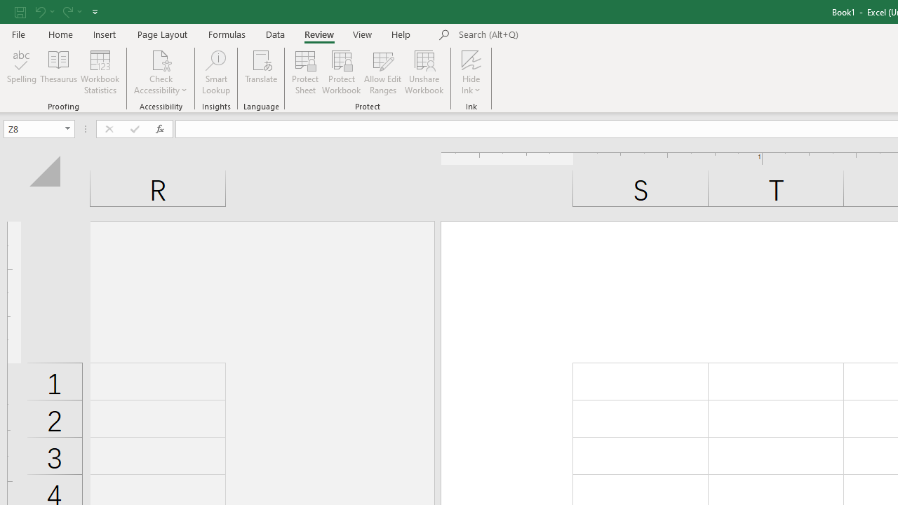  I want to click on 'Workbook Statistics', so click(99, 72).